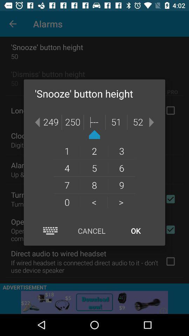 The image size is (189, 336). Describe the element at coordinates (121, 184) in the screenshot. I see `icon below the 5 icon` at that location.